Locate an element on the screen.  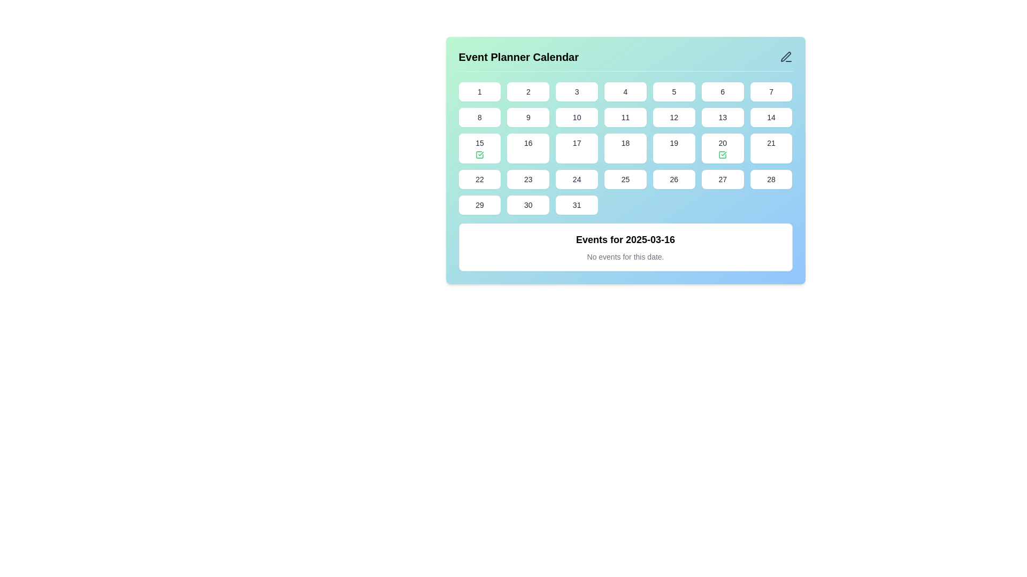
the calendar cell displaying the number '13' is located at coordinates (723, 117).